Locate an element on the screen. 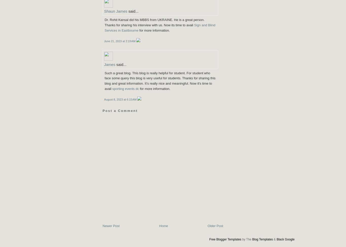  'Blog Templates' is located at coordinates (262, 239).